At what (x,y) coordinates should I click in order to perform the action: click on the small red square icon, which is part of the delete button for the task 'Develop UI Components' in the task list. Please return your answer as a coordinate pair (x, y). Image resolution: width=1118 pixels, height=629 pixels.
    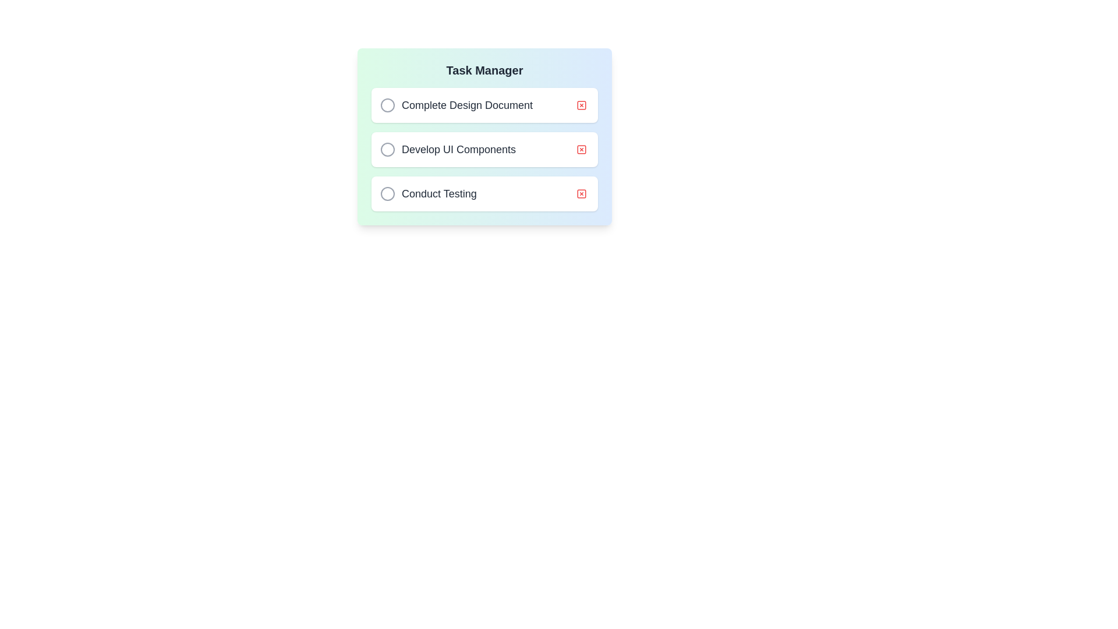
    Looking at the image, I should click on (581, 149).